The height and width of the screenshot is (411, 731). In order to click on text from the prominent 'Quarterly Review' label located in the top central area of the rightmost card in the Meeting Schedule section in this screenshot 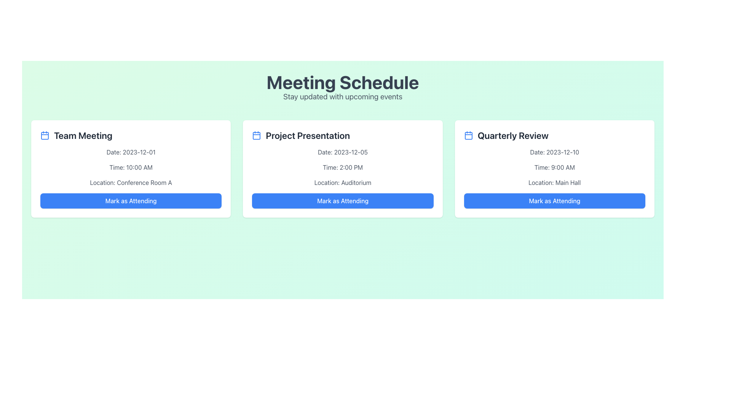, I will do `click(513, 135)`.